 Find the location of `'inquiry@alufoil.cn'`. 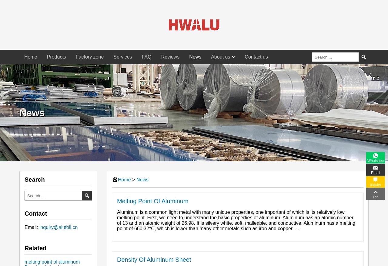

'inquiry@alufoil.cn' is located at coordinates (58, 227).